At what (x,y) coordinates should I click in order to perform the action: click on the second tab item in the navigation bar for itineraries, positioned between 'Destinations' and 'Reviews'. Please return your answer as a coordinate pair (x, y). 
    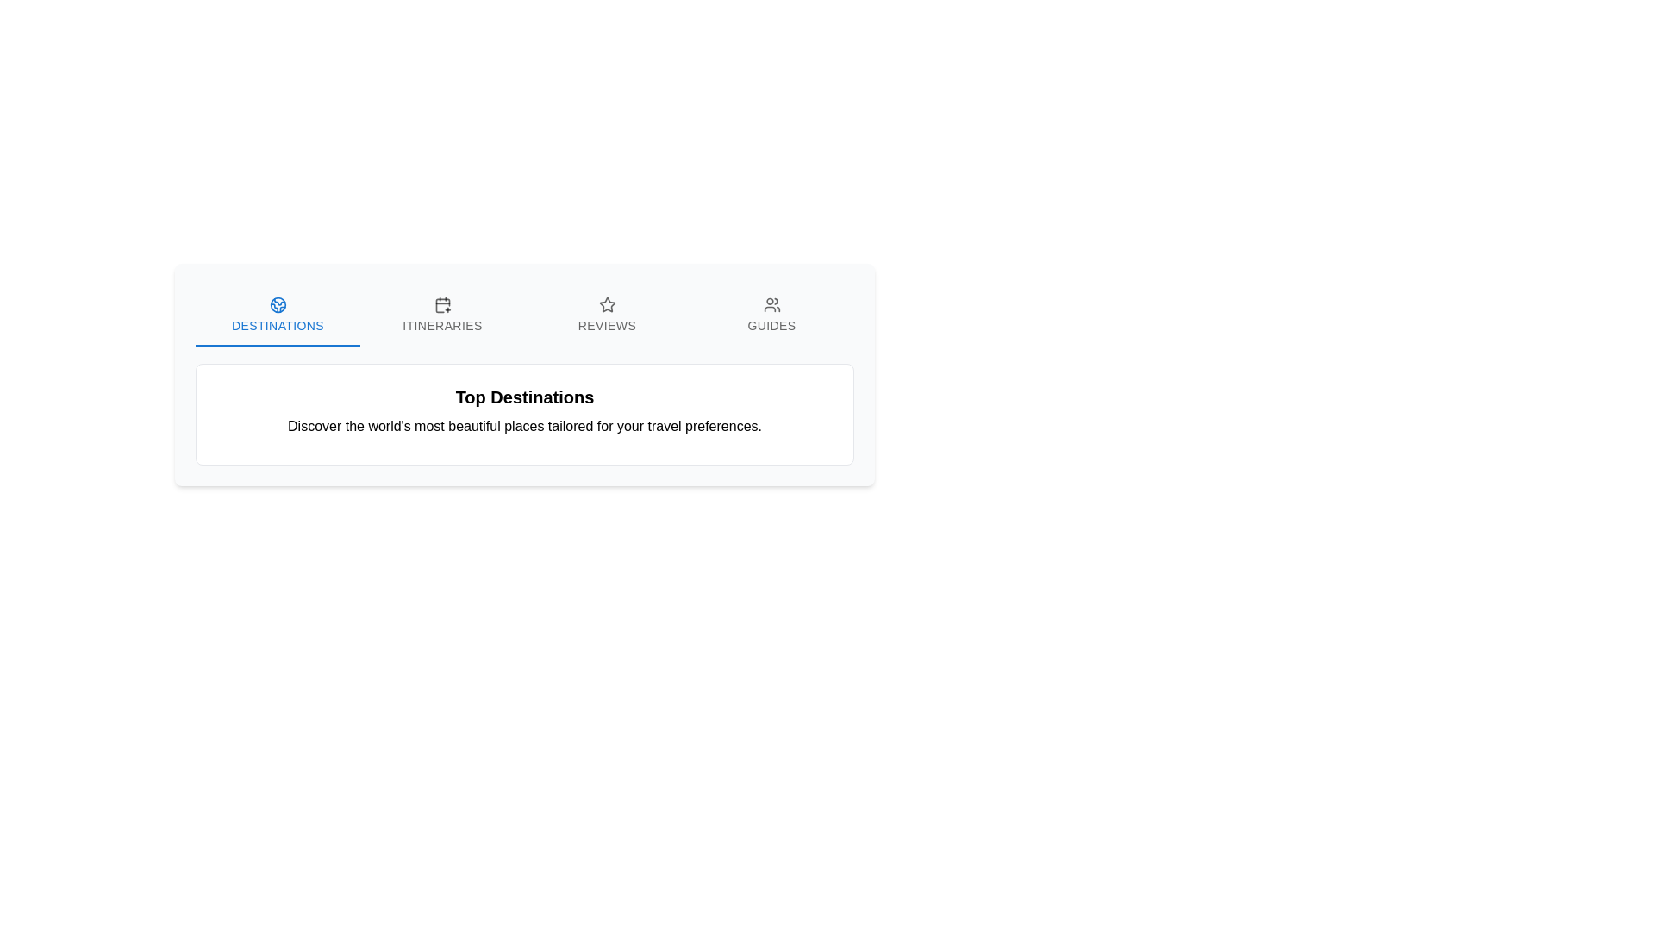
    Looking at the image, I should click on (442, 316).